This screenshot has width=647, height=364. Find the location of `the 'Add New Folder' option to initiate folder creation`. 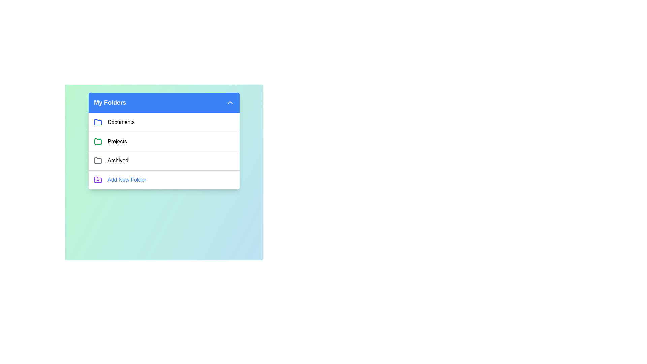

the 'Add New Folder' option to initiate folder creation is located at coordinates (126, 179).